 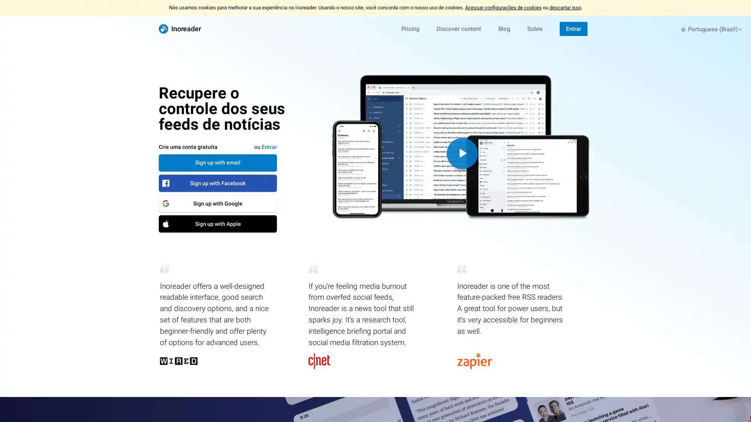 I want to click on Sign up with Google, so click(x=217, y=203).